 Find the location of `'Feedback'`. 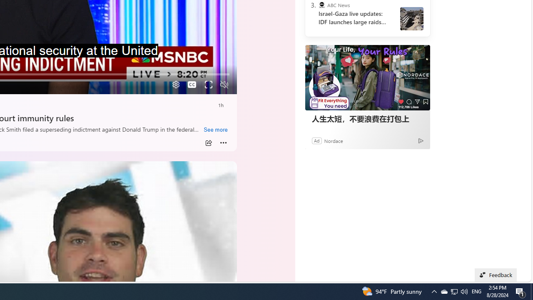

'Feedback' is located at coordinates (496, 275).